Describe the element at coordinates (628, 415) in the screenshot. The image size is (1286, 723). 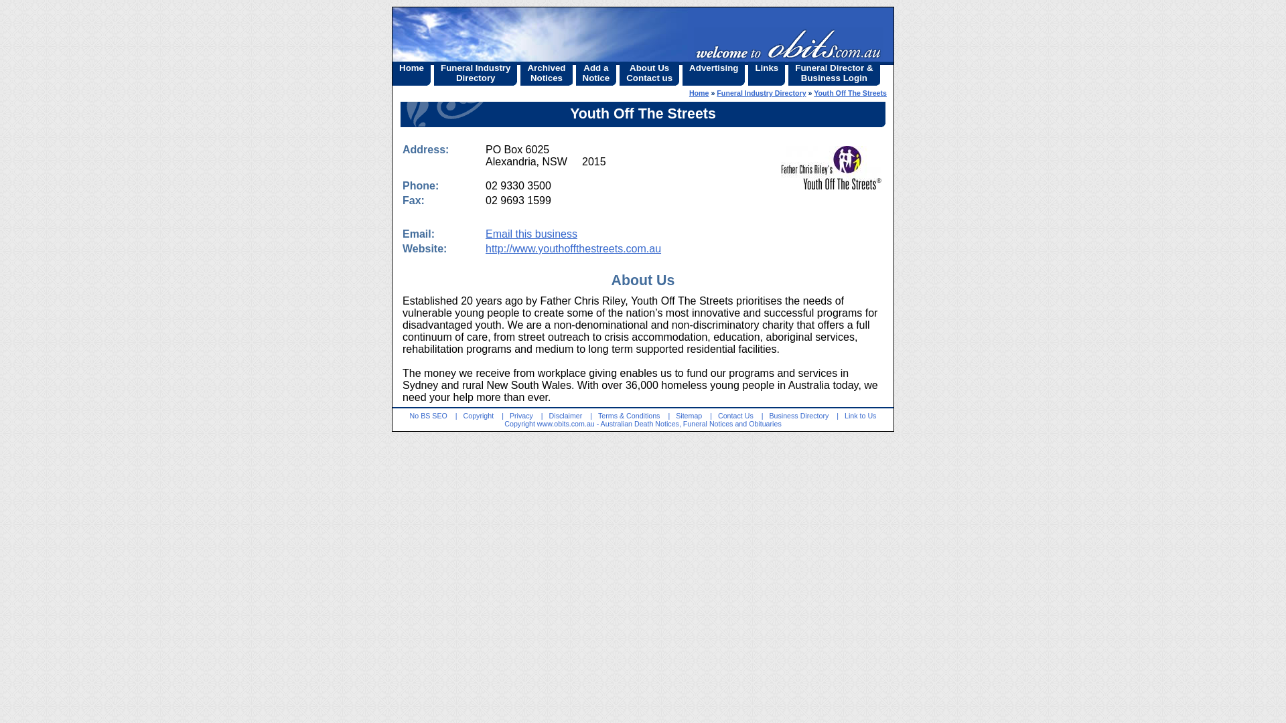
I see `'Terms & Conditions'` at that location.